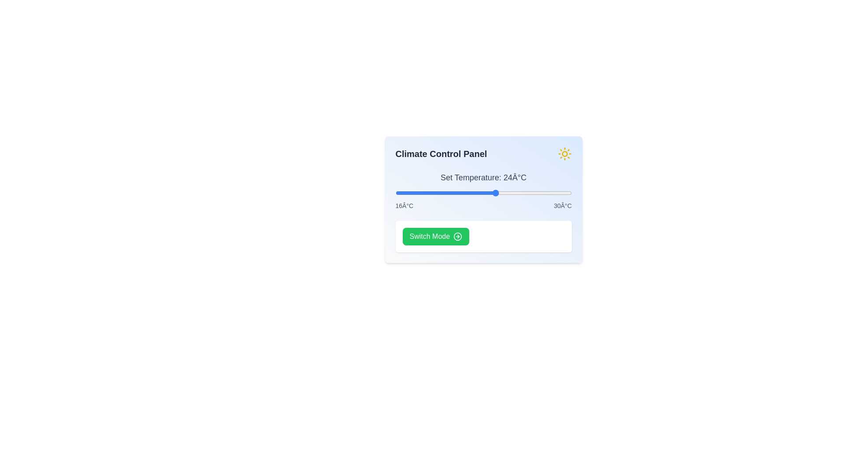  What do you see at coordinates (458, 236) in the screenshot?
I see `the graphical circle element within the 'Switch Mode' button, which is part of an SVG group` at bounding box center [458, 236].